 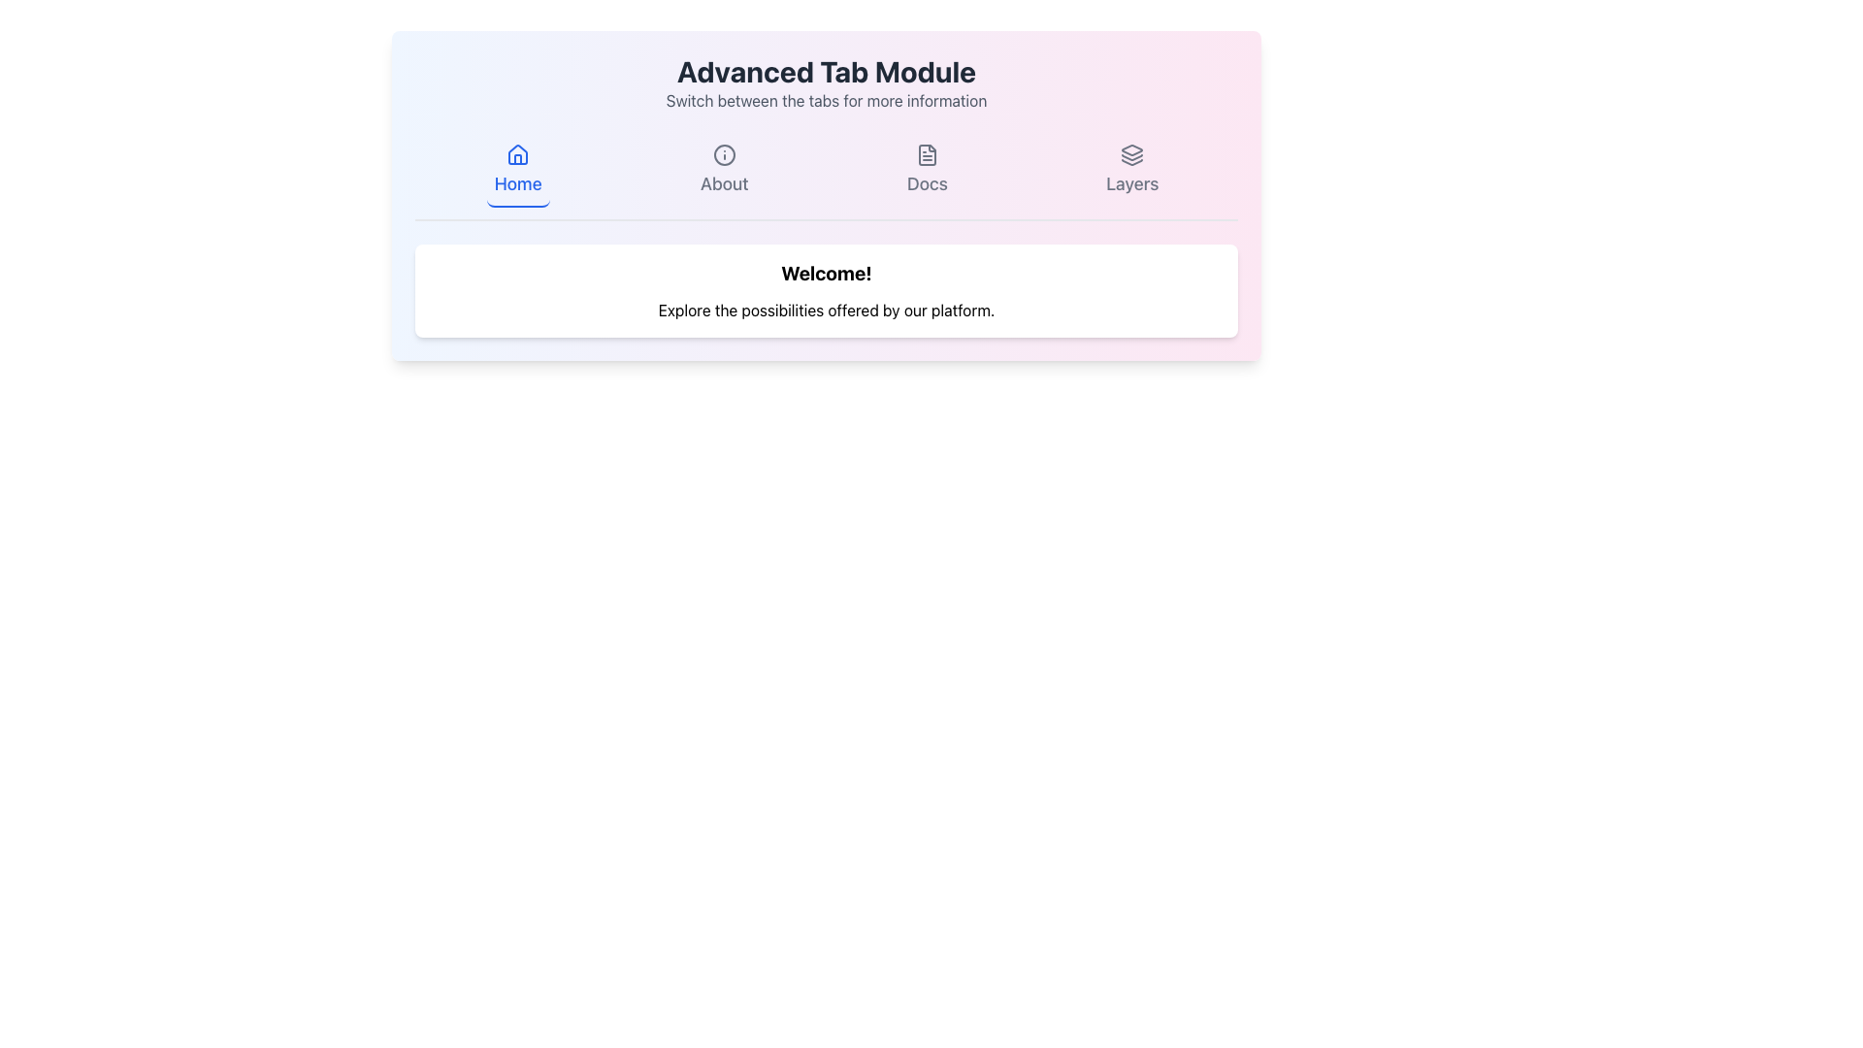 What do you see at coordinates (826, 70) in the screenshot?
I see `the text label that serves as a header or title for the module, positioned at the top section of the module above the secondary text` at bounding box center [826, 70].